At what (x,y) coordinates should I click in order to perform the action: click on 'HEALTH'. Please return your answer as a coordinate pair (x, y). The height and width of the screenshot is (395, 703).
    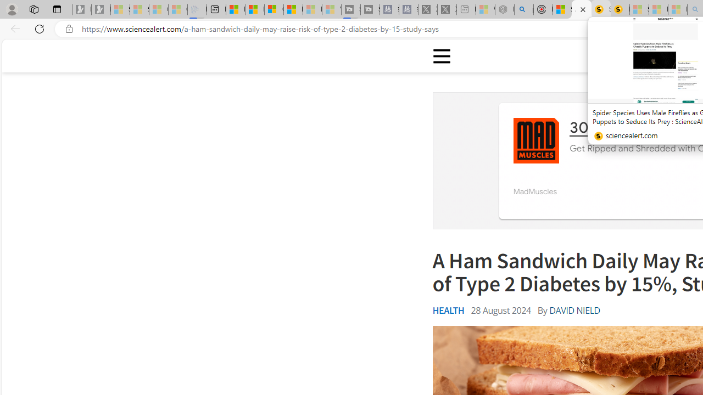
    Looking at the image, I should click on (448, 310).